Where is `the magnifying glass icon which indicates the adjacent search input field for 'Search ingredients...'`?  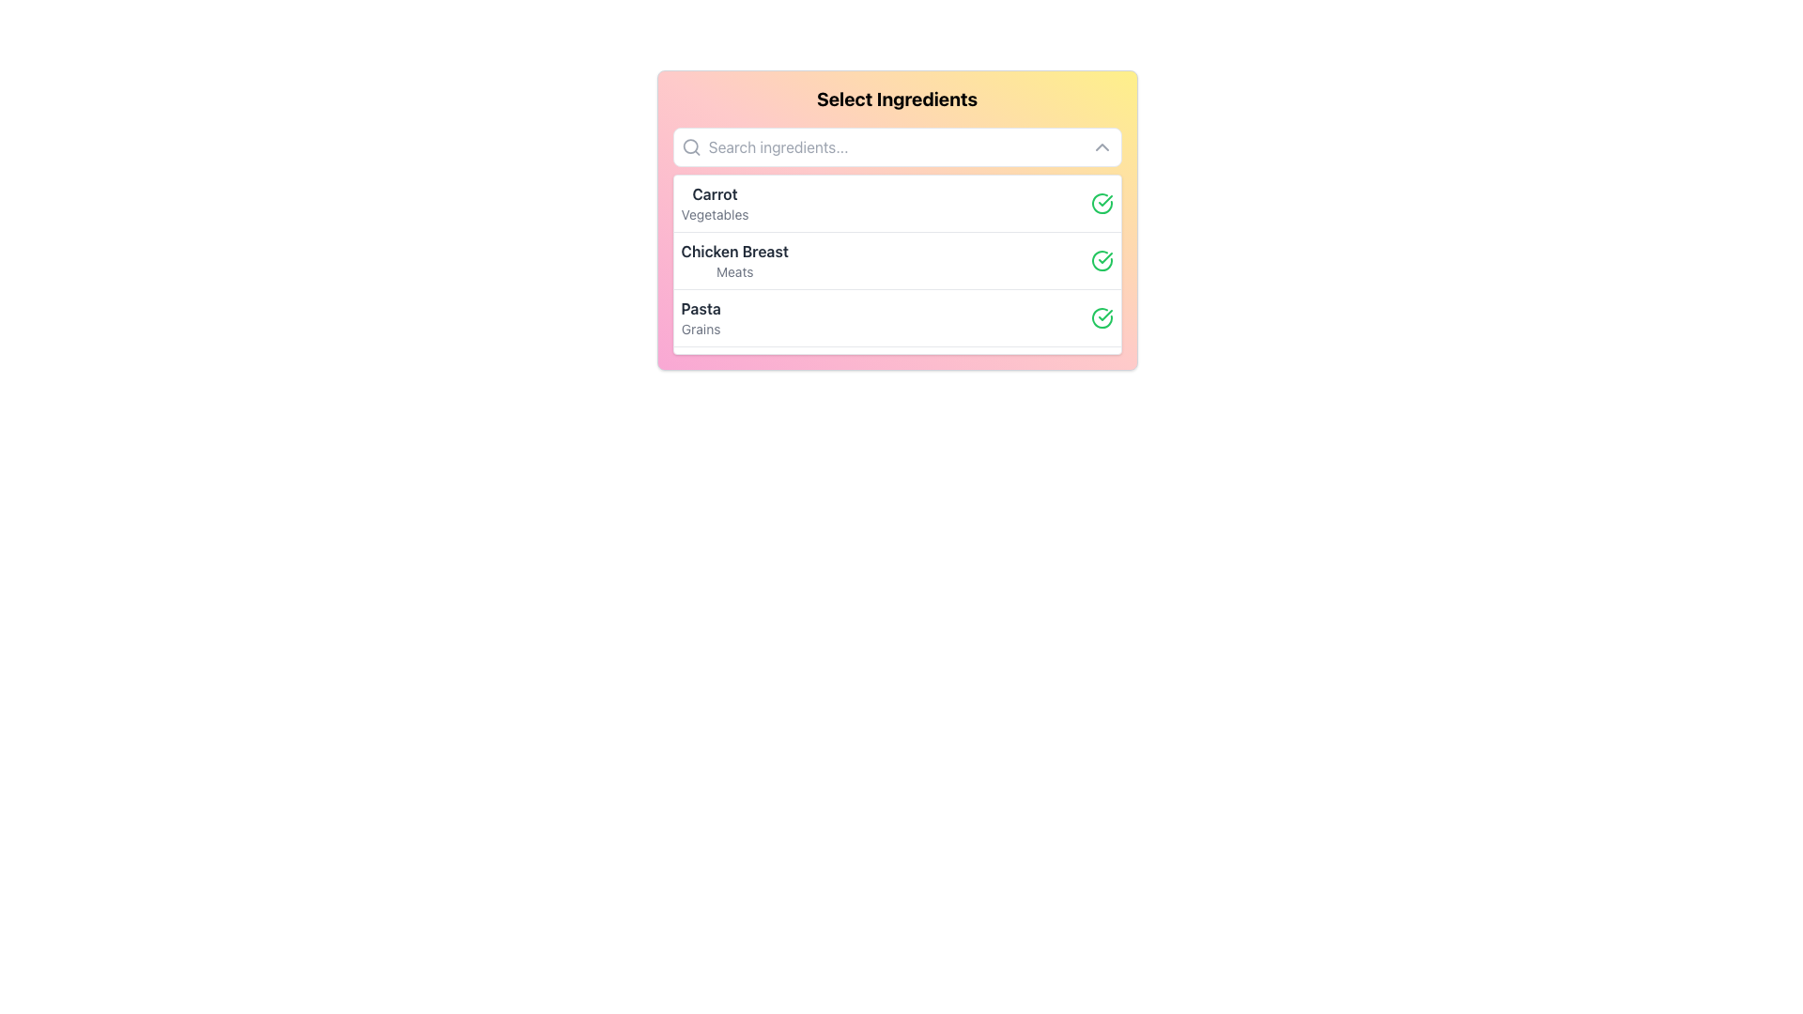
the magnifying glass icon which indicates the adjacent search input field for 'Search ingredients...' is located at coordinates (690, 146).